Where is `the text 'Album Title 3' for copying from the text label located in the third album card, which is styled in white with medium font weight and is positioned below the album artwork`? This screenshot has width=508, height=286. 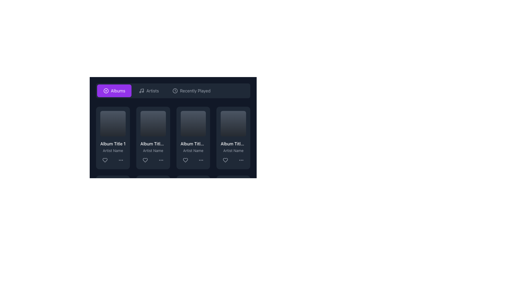 the text 'Album Title 3' for copying from the text label located in the third album card, which is styled in white with medium font weight and is positioned below the album artwork is located at coordinates (193, 144).